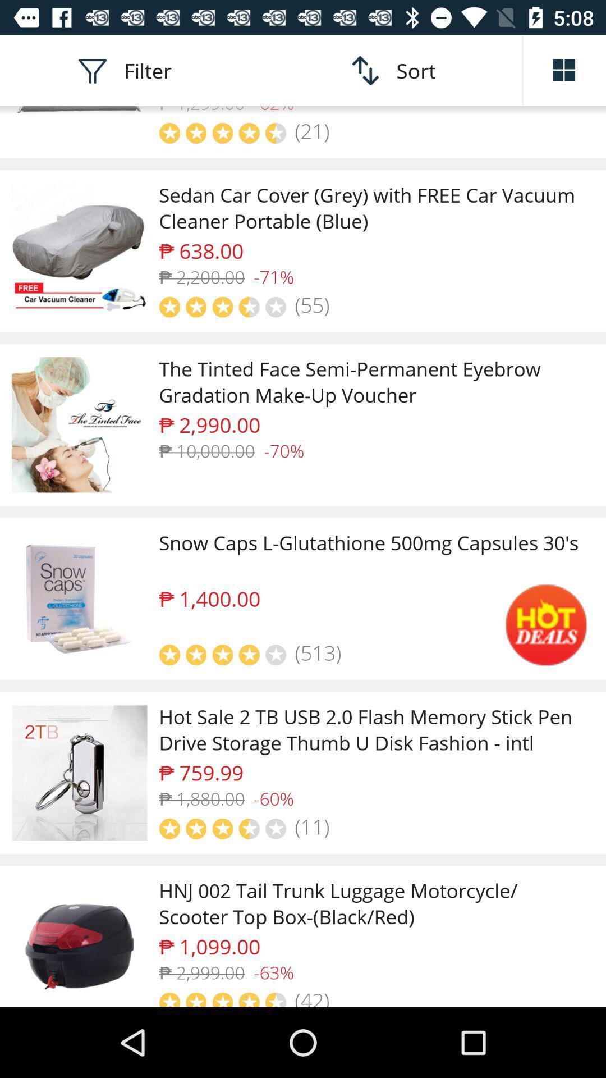  Describe the element at coordinates (564, 70) in the screenshot. I see `the dashboard icon` at that location.